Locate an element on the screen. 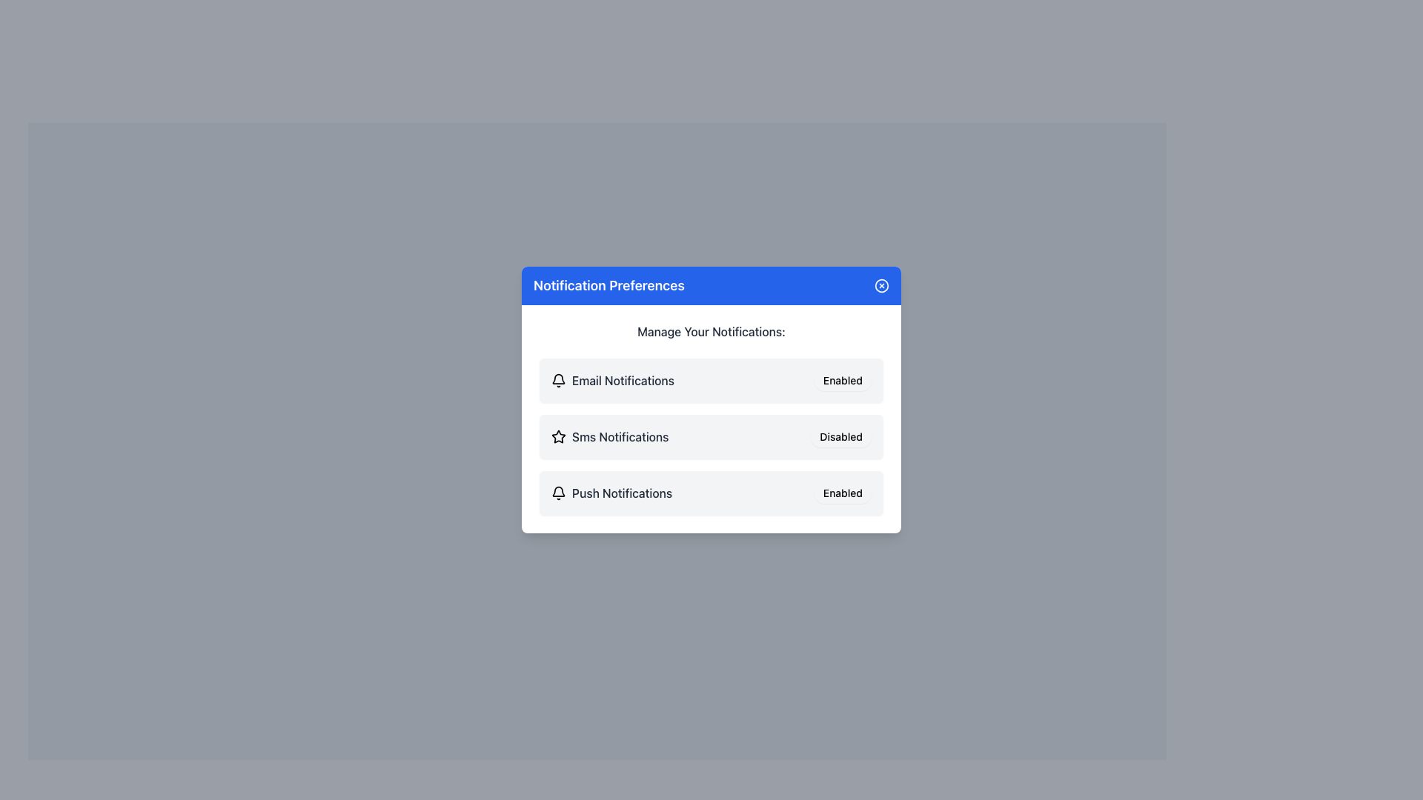 This screenshot has width=1423, height=800. text label 'Push Notifications' which is styled with a medium-sized, gray-colored font and accompanied by a bell-shaped icon, located in the middle of the 'Notification Preferences' card is located at coordinates (611, 493).